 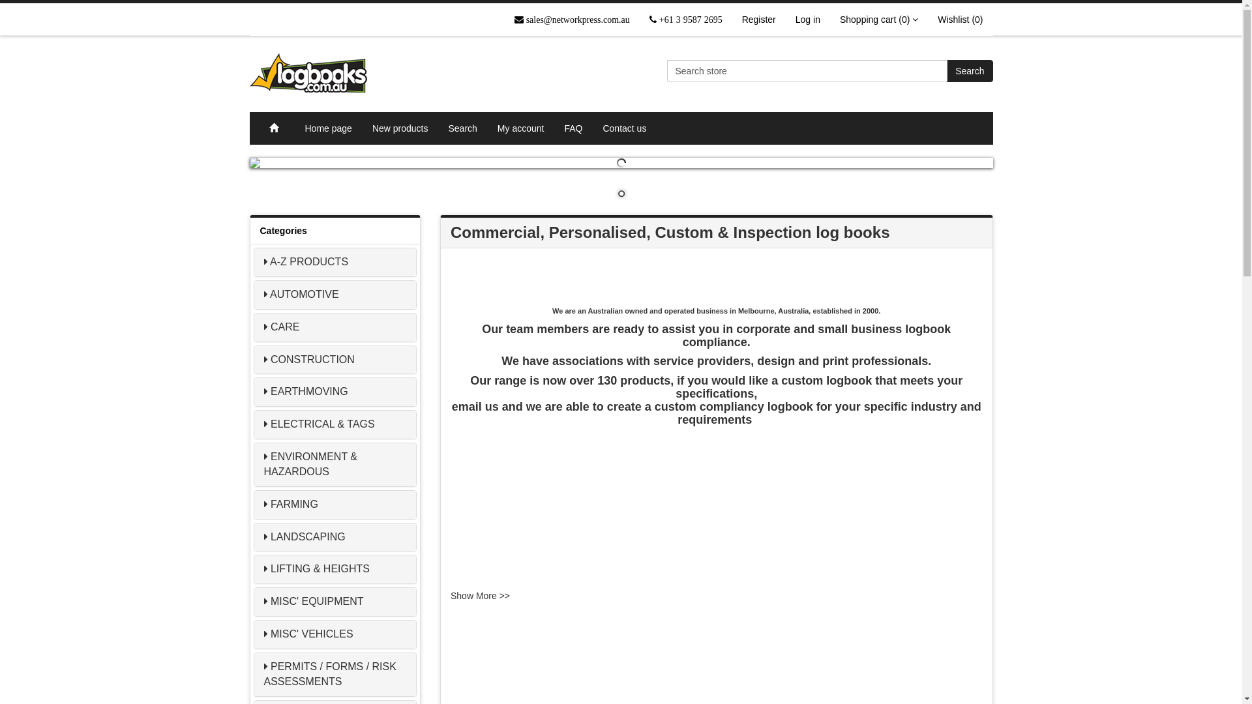 I want to click on 'PERMITS / FORMS / RISK ASSESSMENTS', so click(x=329, y=673).